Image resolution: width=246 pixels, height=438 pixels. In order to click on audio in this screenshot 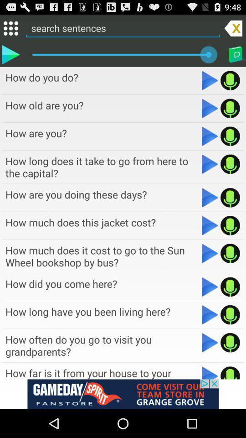, I will do `click(210, 372)`.